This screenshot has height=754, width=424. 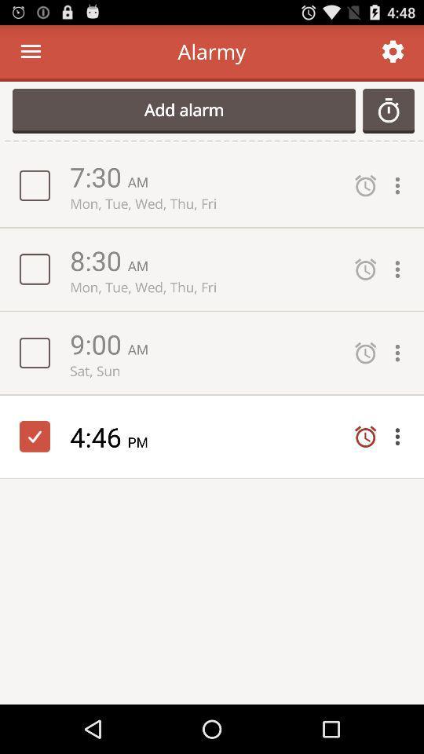 I want to click on icon above the 4:46 item, so click(x=204, y=371).